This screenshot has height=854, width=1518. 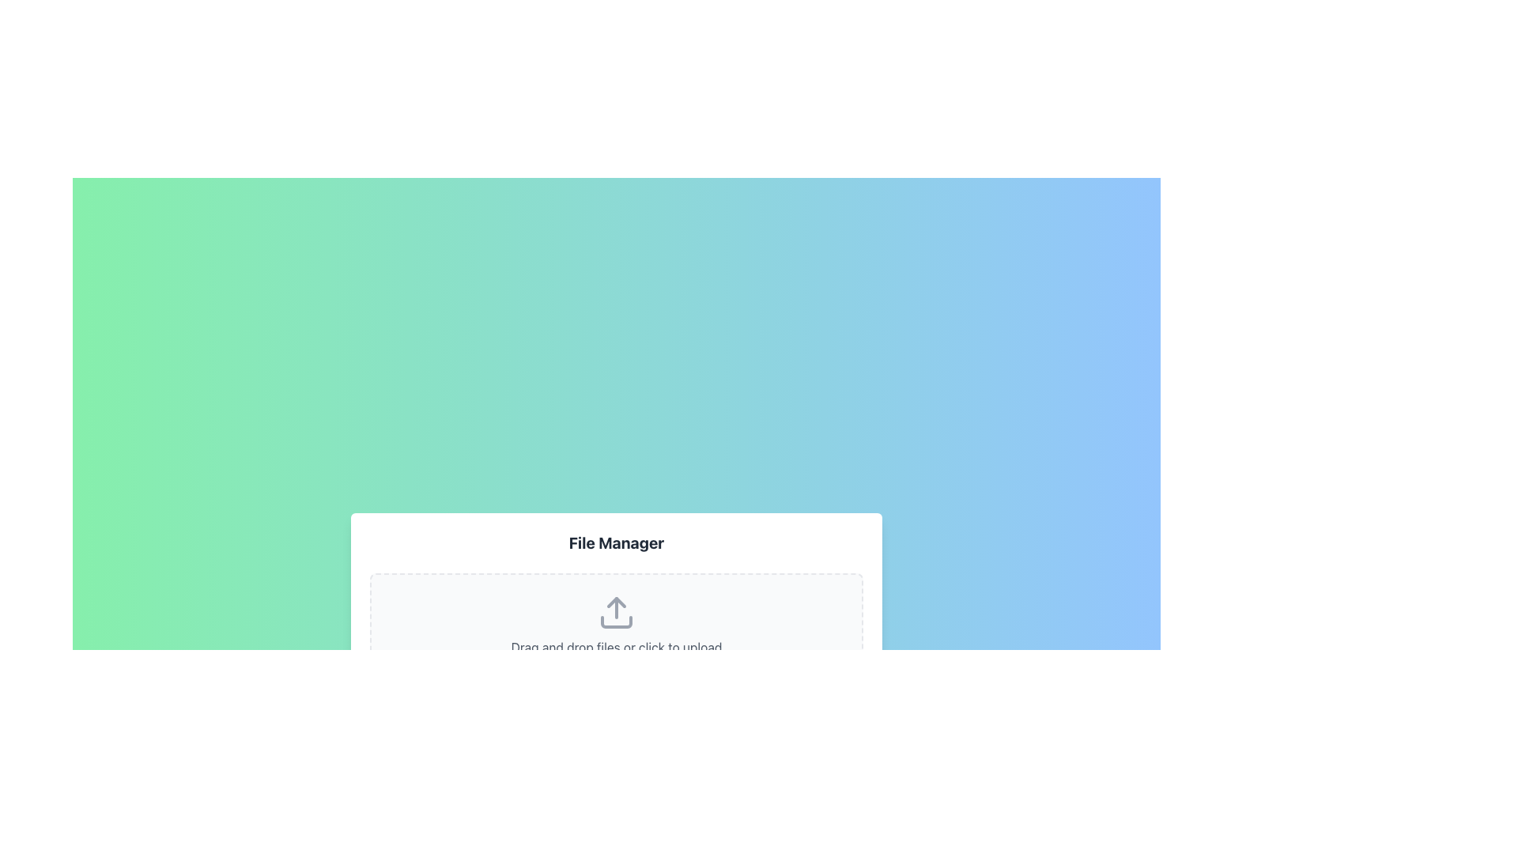 I want to click on the Interactive Upload Zone, which is a rectangular area with dashed borders and rounded corners, featuring centered text stating 'Drag and drop files or click to upload', so click(x=615, y=624).